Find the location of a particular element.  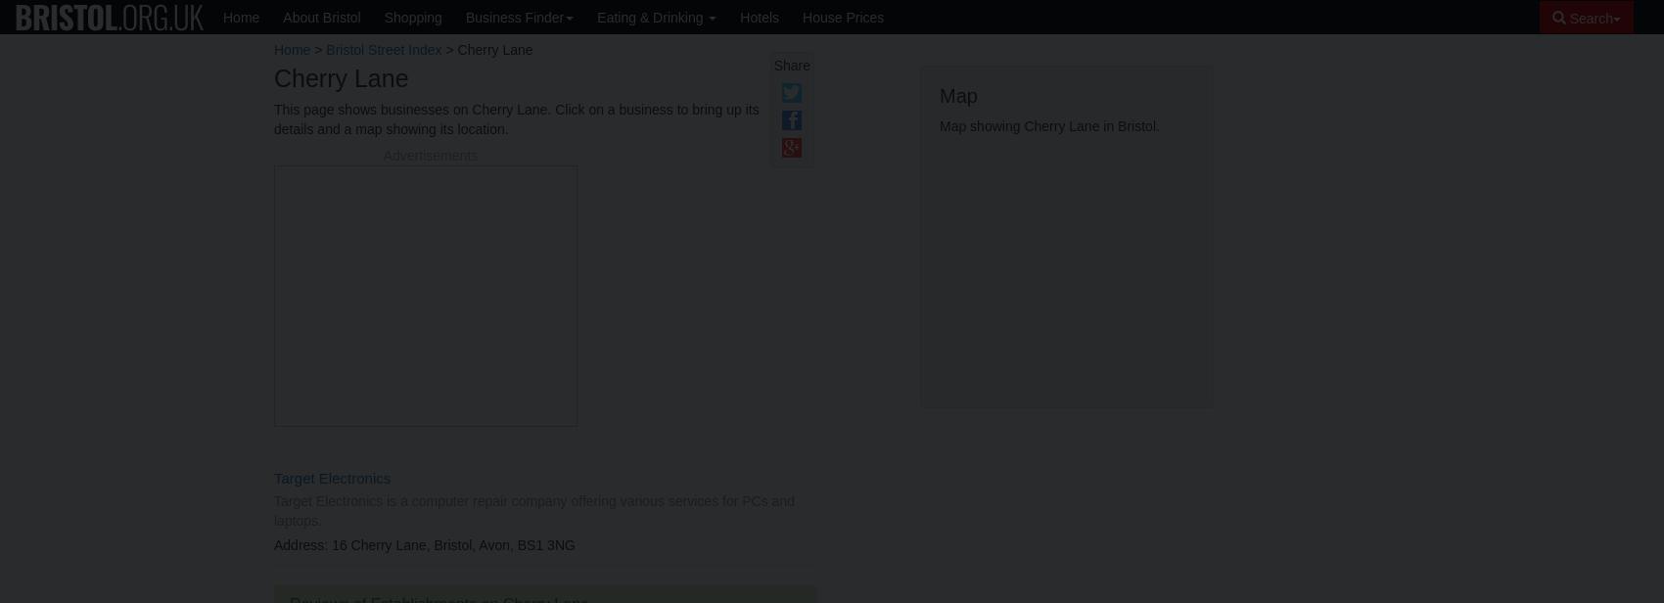

'Shopping' is located at coordinates (411, 17).